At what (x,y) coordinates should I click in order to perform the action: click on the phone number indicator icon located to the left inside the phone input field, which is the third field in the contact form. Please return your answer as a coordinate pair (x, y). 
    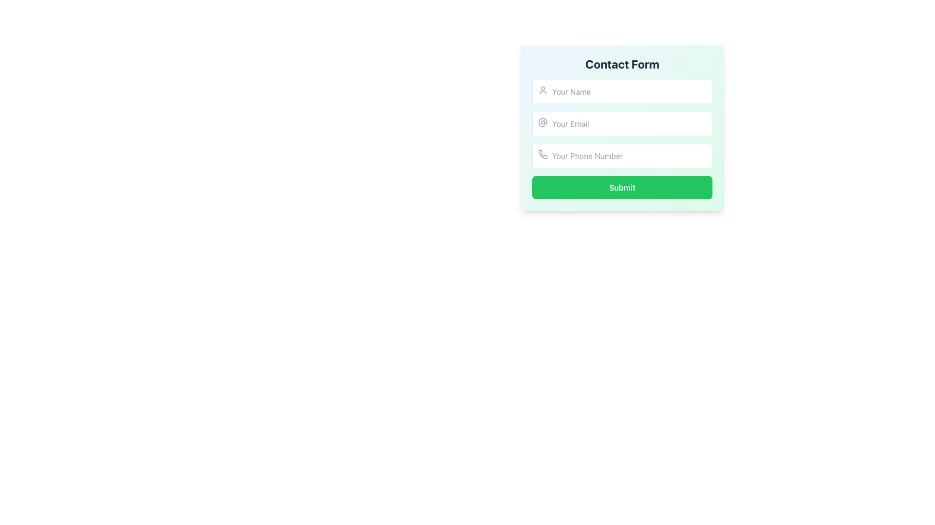
    Looking at the image, I should click on (542, 154).